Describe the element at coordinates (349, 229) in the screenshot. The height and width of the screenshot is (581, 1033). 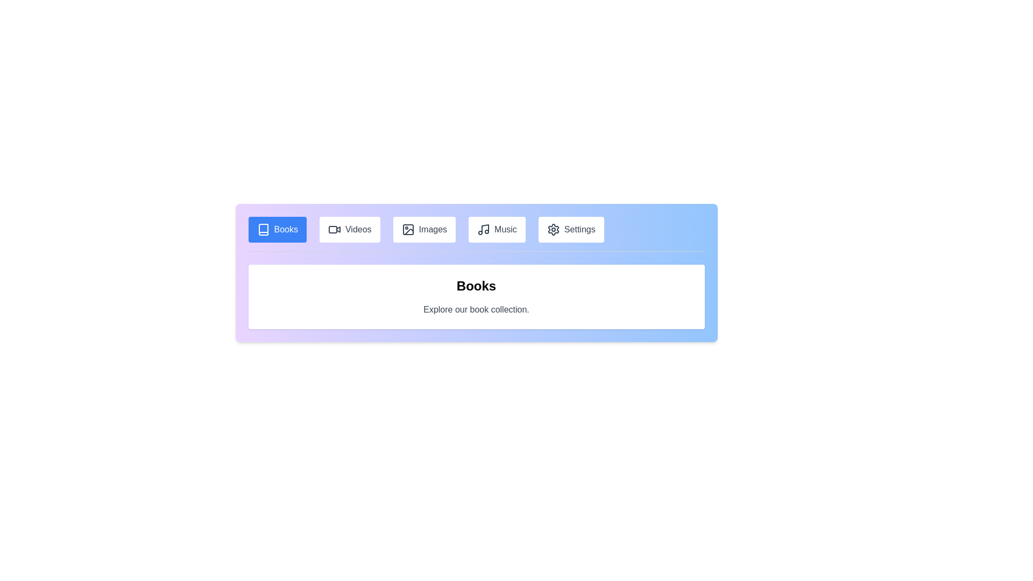
I see `the Videos tab by clicking on its button` at that location.